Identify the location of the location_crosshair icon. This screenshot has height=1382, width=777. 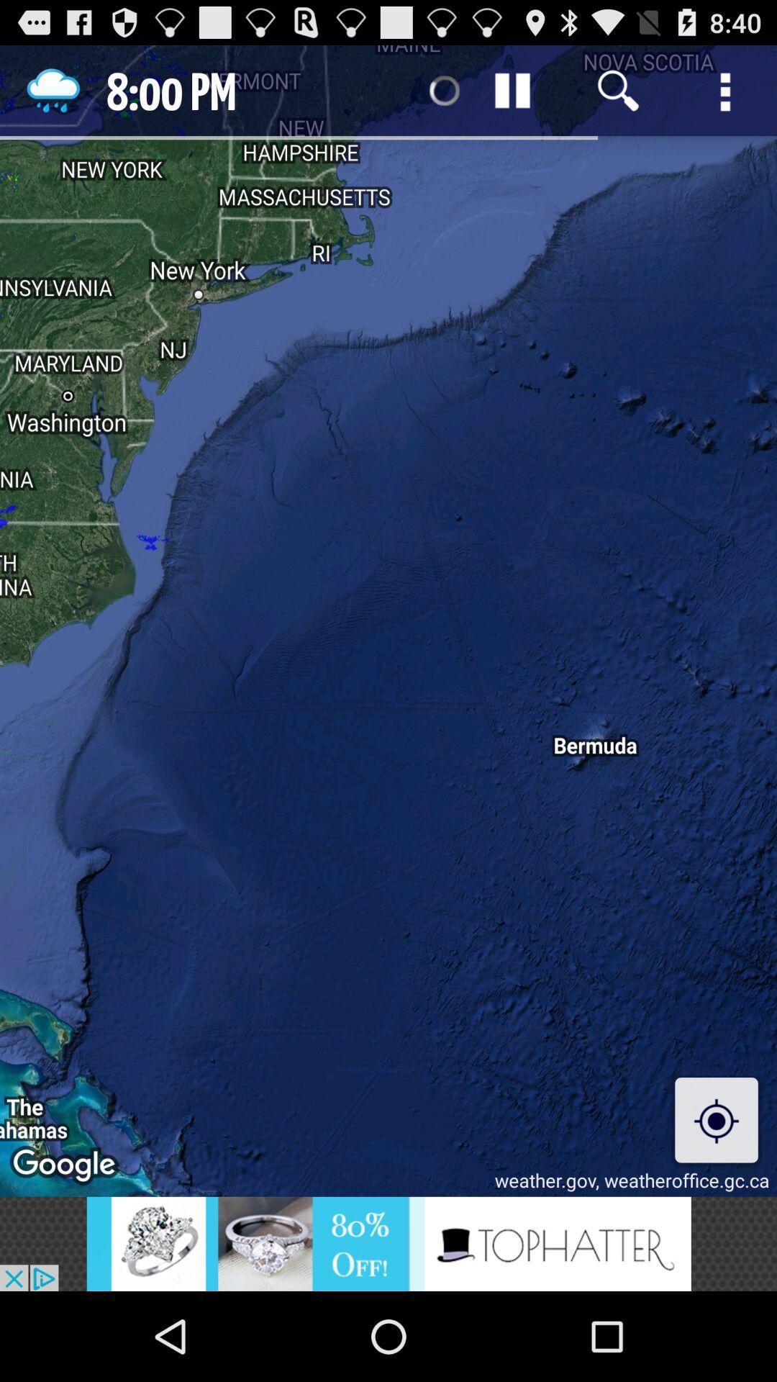
(716, 1200).